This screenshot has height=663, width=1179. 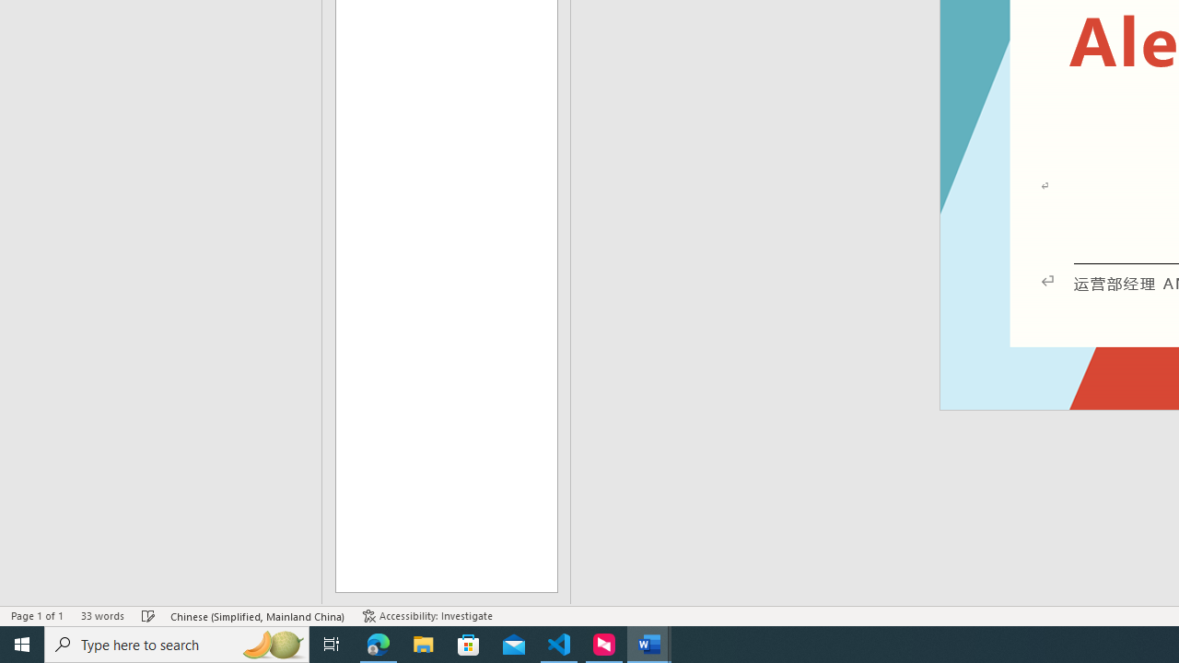 What do you see at coordinates (649, 643) in the screenshot?
I see `'Word - 2 running windows'` at bounding box center [649, 643].